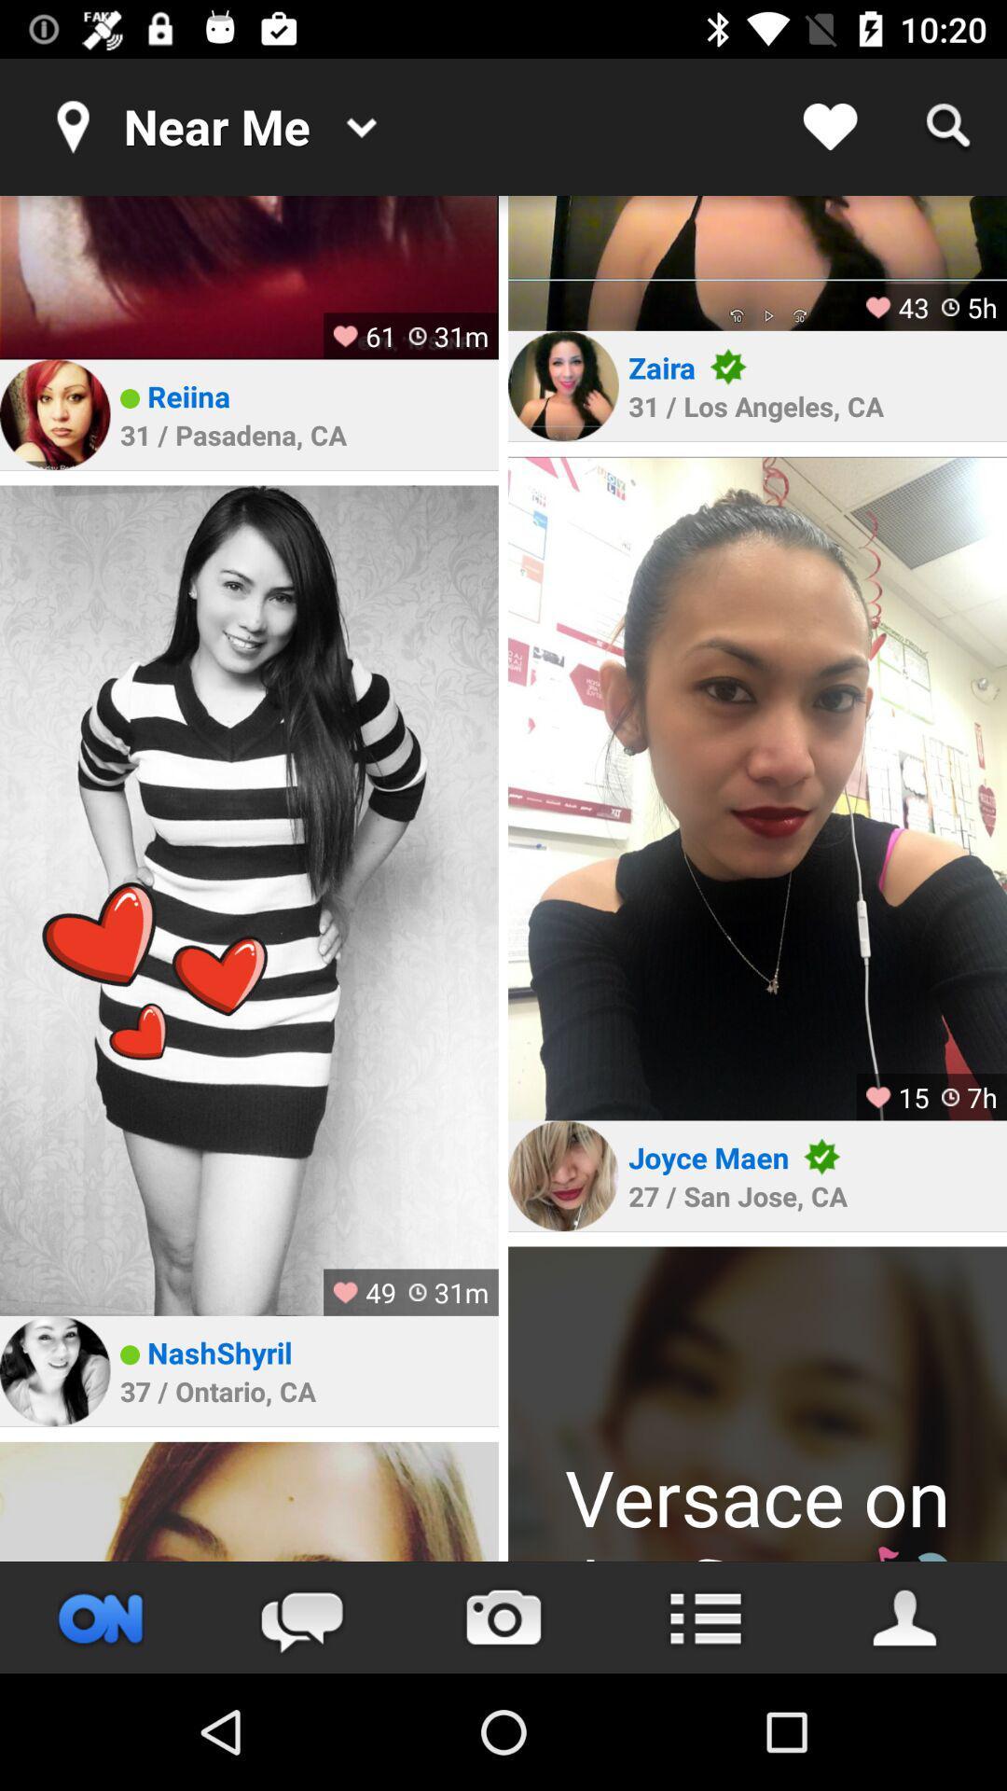 The height and width of the screenshot is (1791, 1007). Describe the element at coordinates (709, 1156) in the screenshot. I see `the item above the 27 san jose` at that location.